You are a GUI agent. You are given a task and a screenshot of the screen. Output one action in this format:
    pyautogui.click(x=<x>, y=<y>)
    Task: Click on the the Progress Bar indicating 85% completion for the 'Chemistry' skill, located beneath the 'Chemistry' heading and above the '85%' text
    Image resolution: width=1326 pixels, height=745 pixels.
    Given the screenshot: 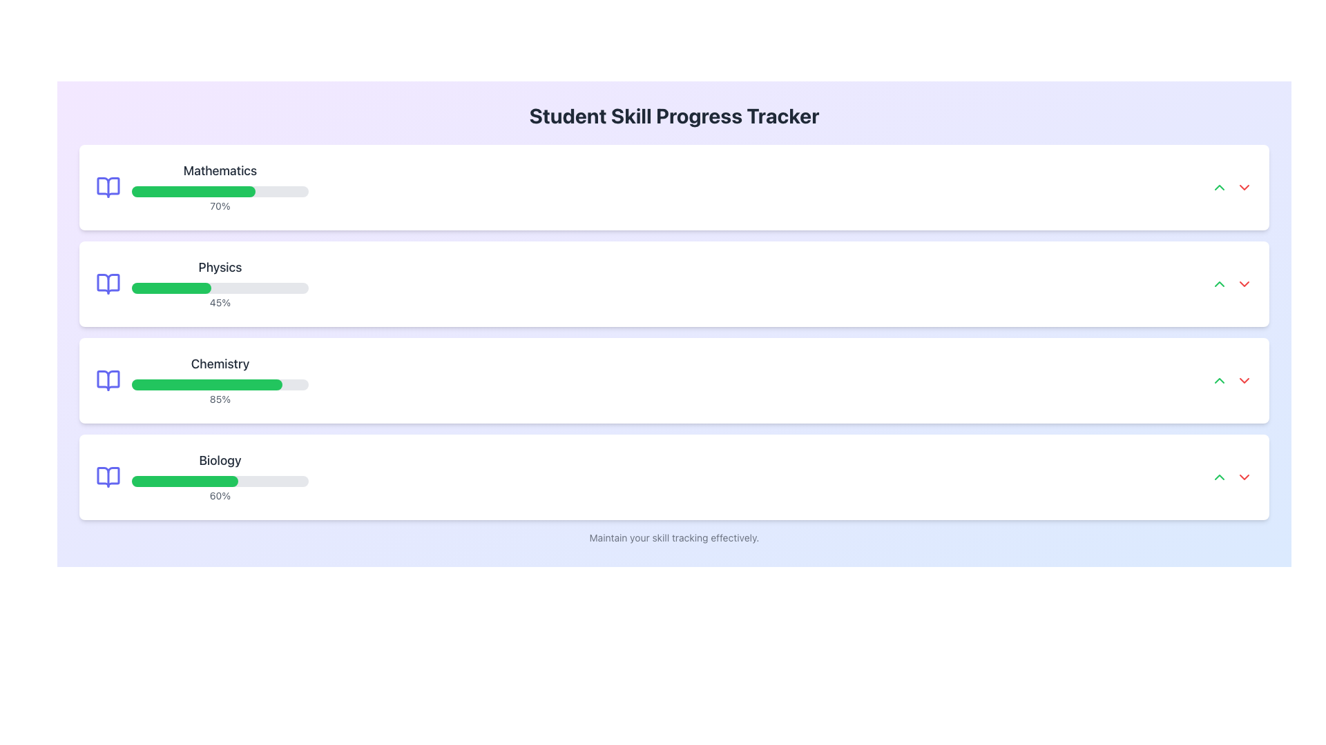 What is the action you would take?
    pyautogui.click(x=219, y=385)
    